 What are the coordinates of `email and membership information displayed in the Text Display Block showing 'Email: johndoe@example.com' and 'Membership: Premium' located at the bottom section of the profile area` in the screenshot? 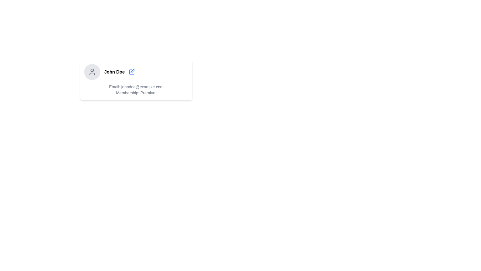 It's located at (136, 90).